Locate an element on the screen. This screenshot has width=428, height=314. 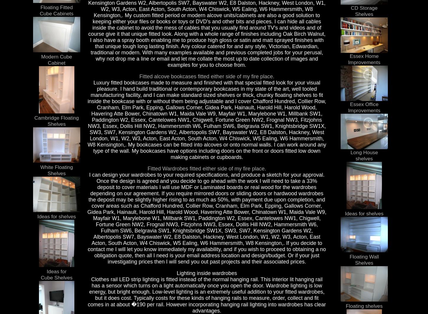
'Fitted Wardrobes fitted either side of my fire place.' is located at coordinates (147, 168).